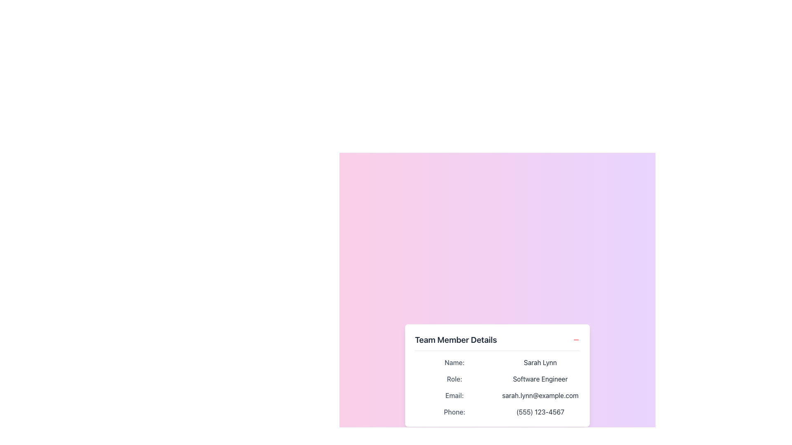 This screenshot has height=445, width=792. Describe the element at coordinates (454, 378) in the screenshot. I see `the 'Role:' text label, which is a gray-colored label with medium font weight, positioned below the 'Name:' label and above the 'Email:' label in the grid layout of team member details` at that location.